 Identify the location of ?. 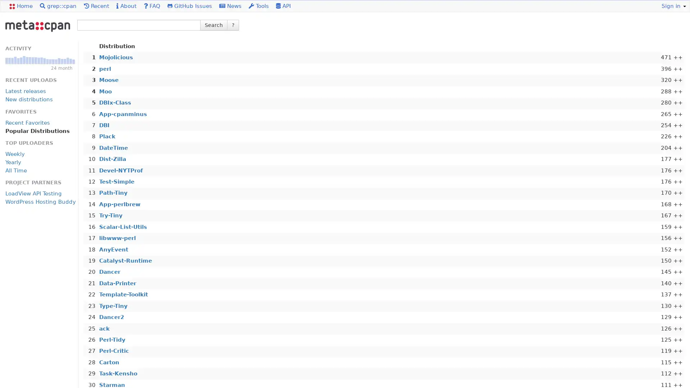
(233, 24).